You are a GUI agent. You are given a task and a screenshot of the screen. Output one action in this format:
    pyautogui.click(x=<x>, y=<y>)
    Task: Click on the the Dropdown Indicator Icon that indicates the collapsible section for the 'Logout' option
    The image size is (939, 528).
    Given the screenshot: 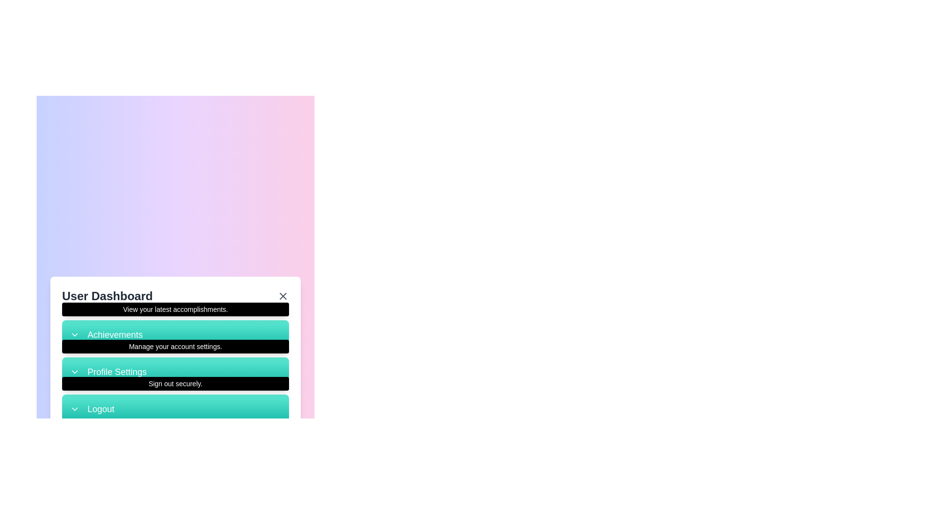 What is the action you would take?
    pyautogui.click(x=74, y=409)
    